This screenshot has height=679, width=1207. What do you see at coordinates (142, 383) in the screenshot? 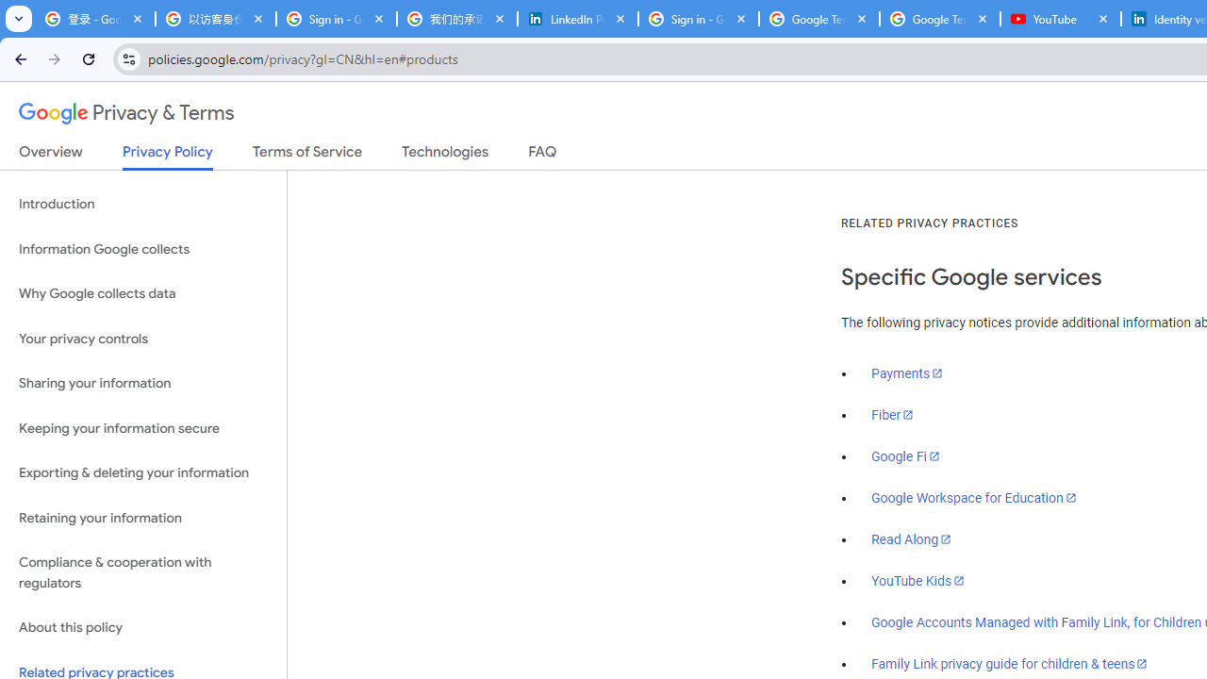
I see `'Sharing your information'` at bounding box center [142, 383].